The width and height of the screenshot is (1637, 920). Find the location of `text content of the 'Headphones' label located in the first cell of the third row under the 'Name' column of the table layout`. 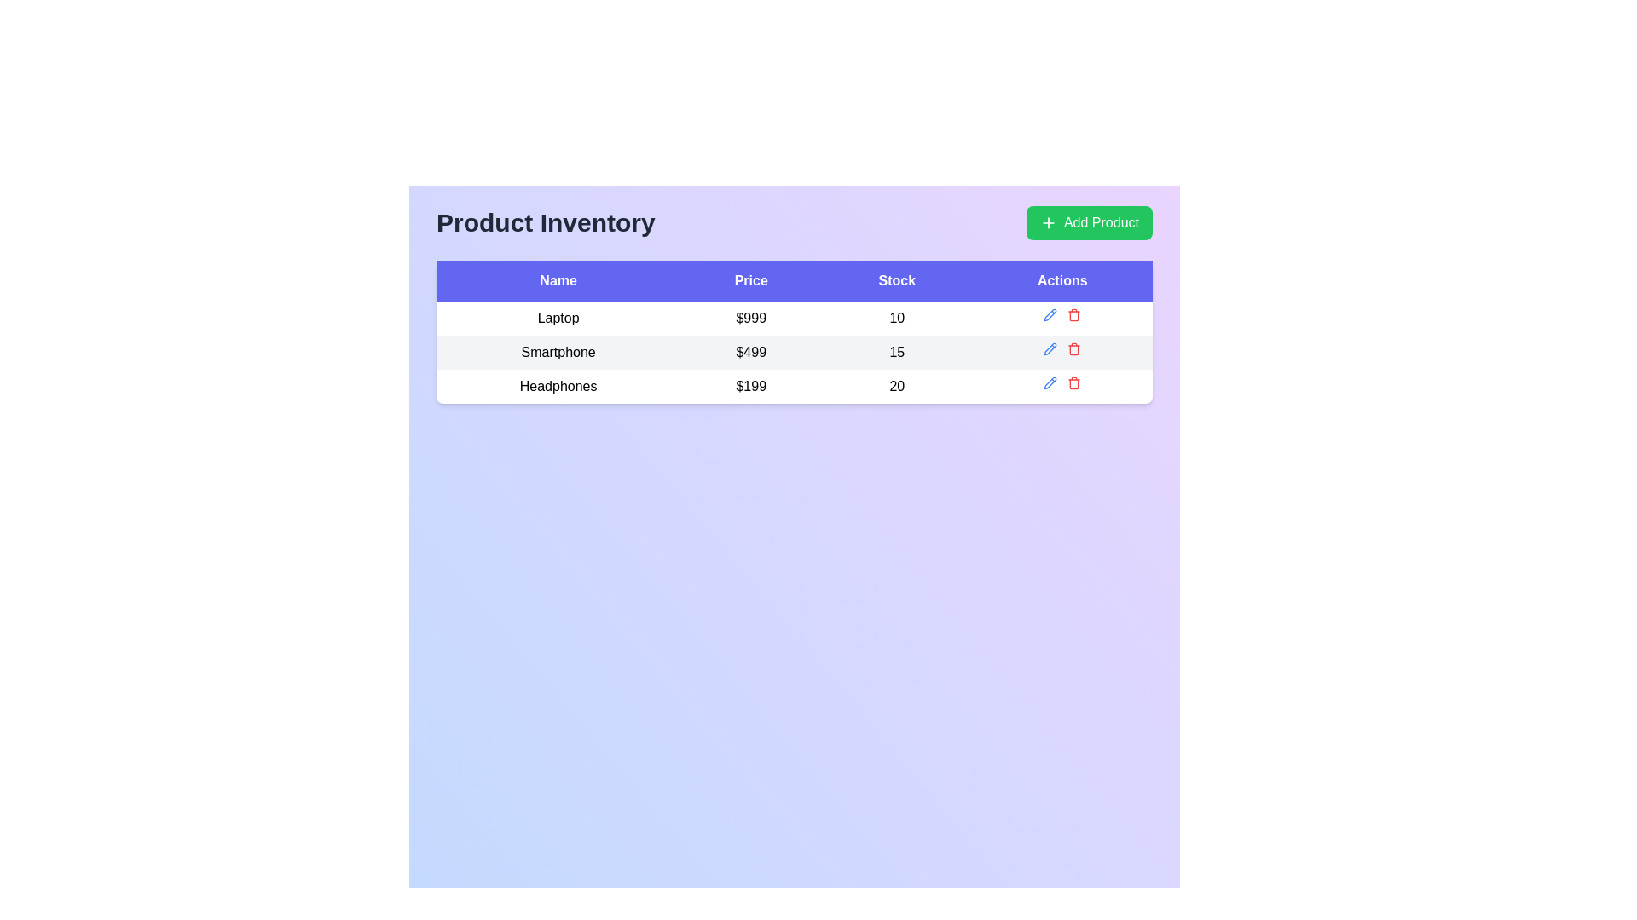

text content of the 'Headphones' label located in the first cell of the third row under the 'Name' column of the table layout is located at coordinates (558, 387).